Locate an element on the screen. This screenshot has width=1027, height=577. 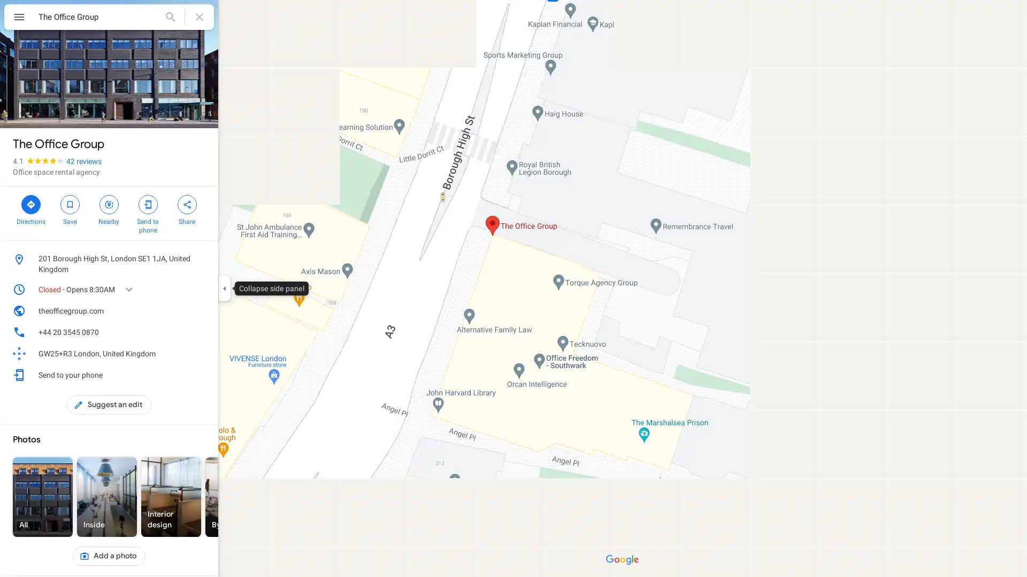
Save The Office Group in your lists is located at coordinates (69, 208).